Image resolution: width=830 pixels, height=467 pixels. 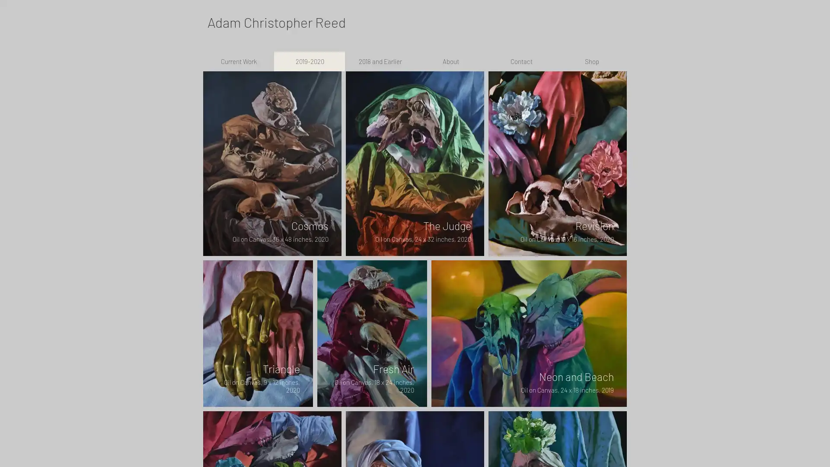 What do you see at coordinates (558, 163) in the screenshot?
I see `Revision` at bounding box center [558, 163].